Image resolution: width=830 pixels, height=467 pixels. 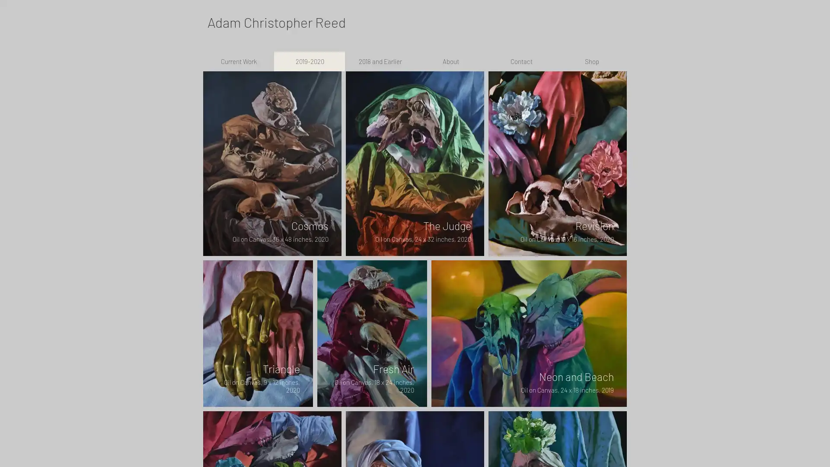 What do you see at coordinates (558, 163) in the screenshot?
I see `Revision` at bounding box center [558, 163].